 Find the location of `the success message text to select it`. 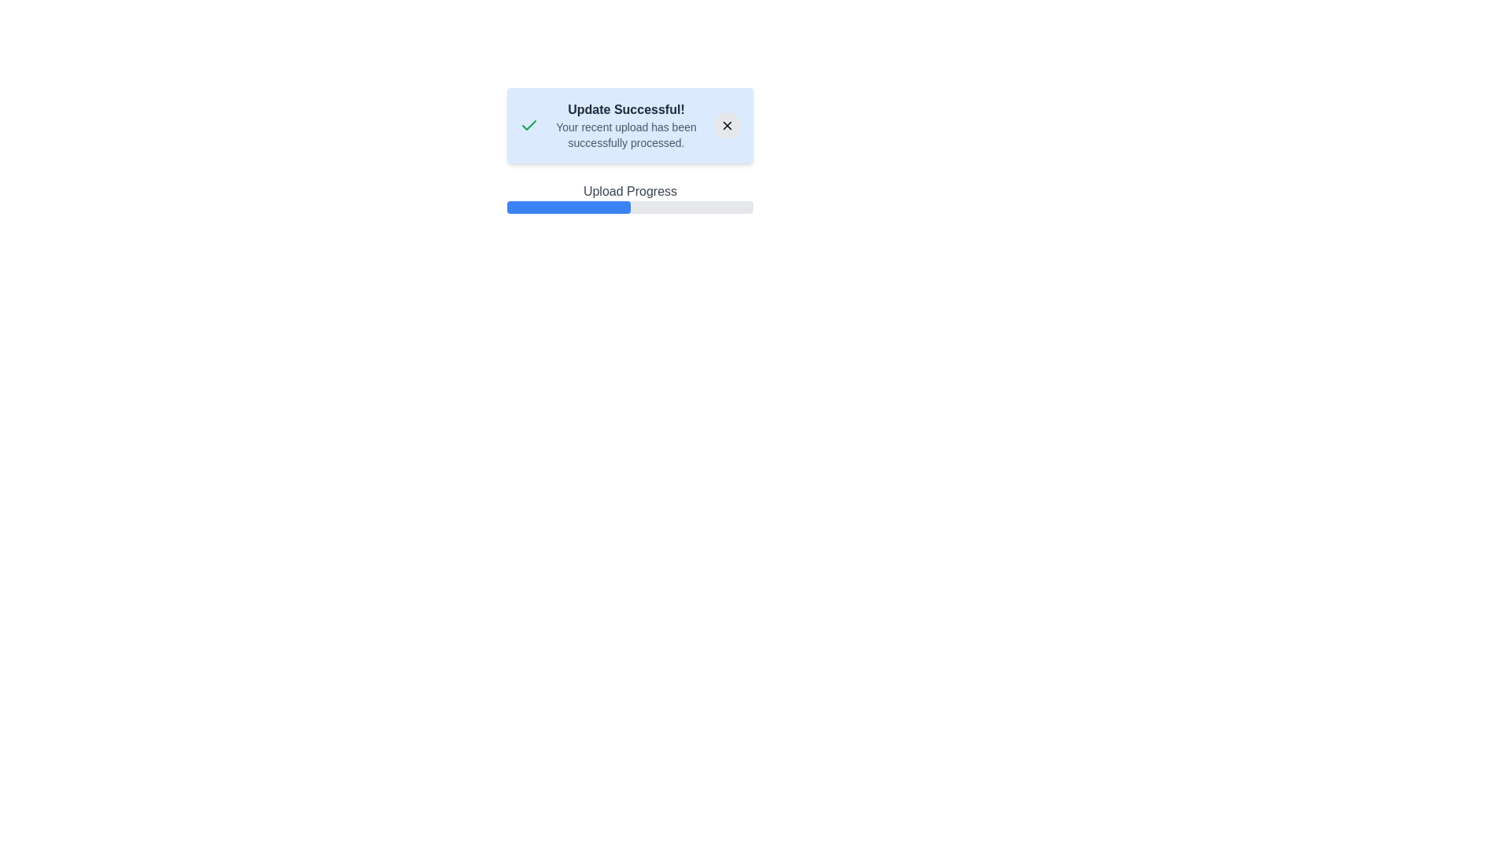

the success message text to select it is located at coordinates (625, 108).